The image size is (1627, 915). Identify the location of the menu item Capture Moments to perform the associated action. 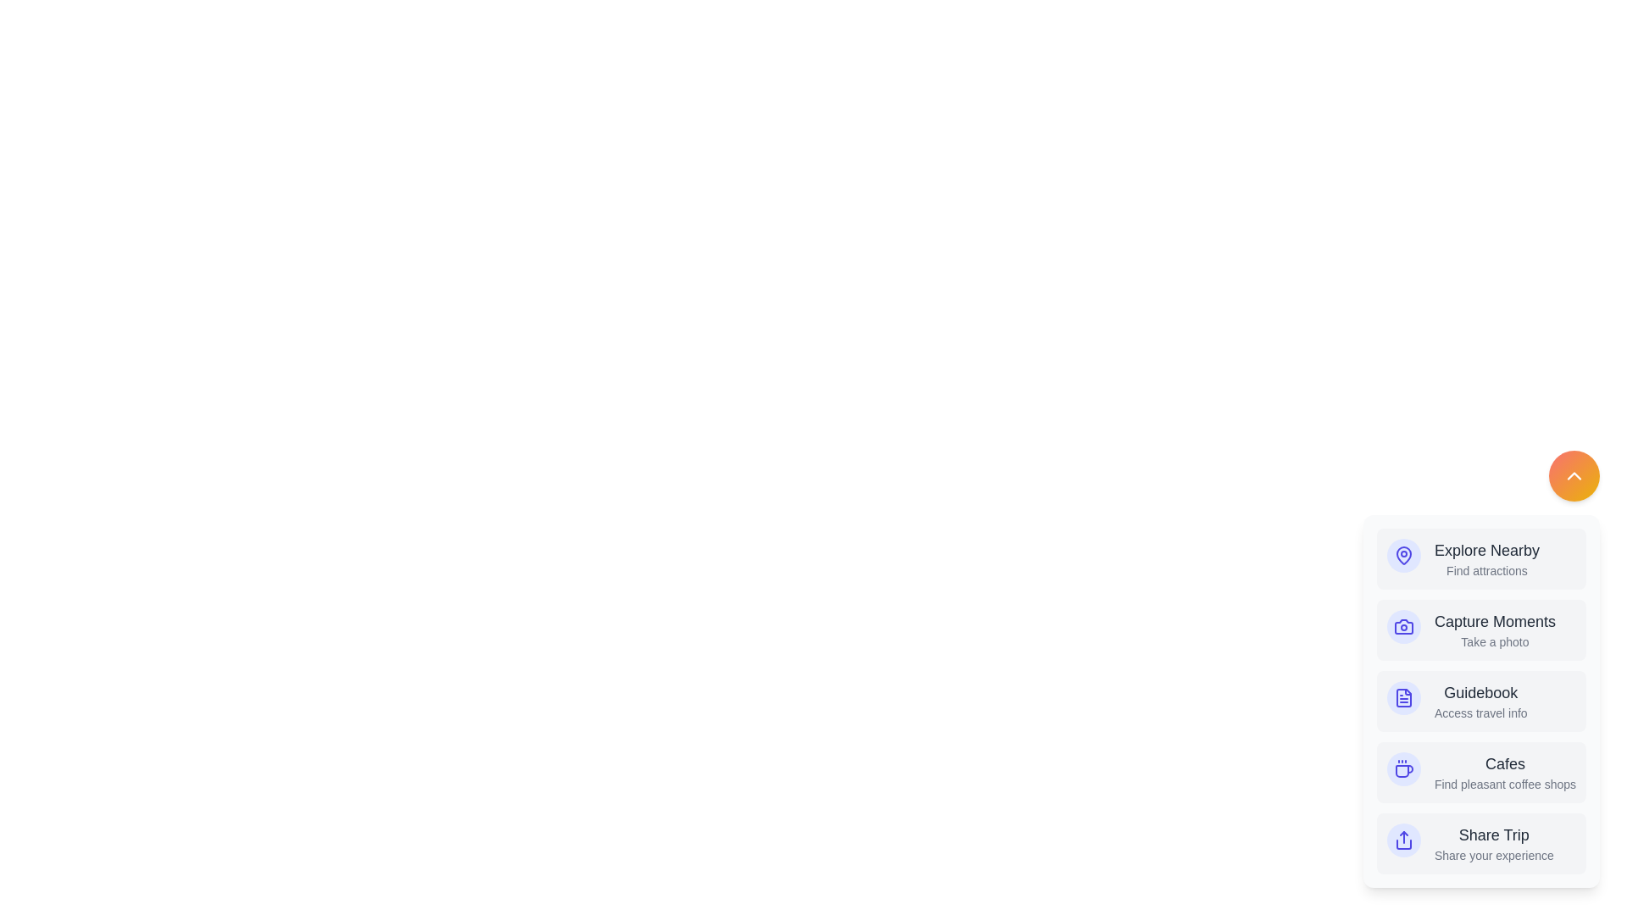
(1480, 630).